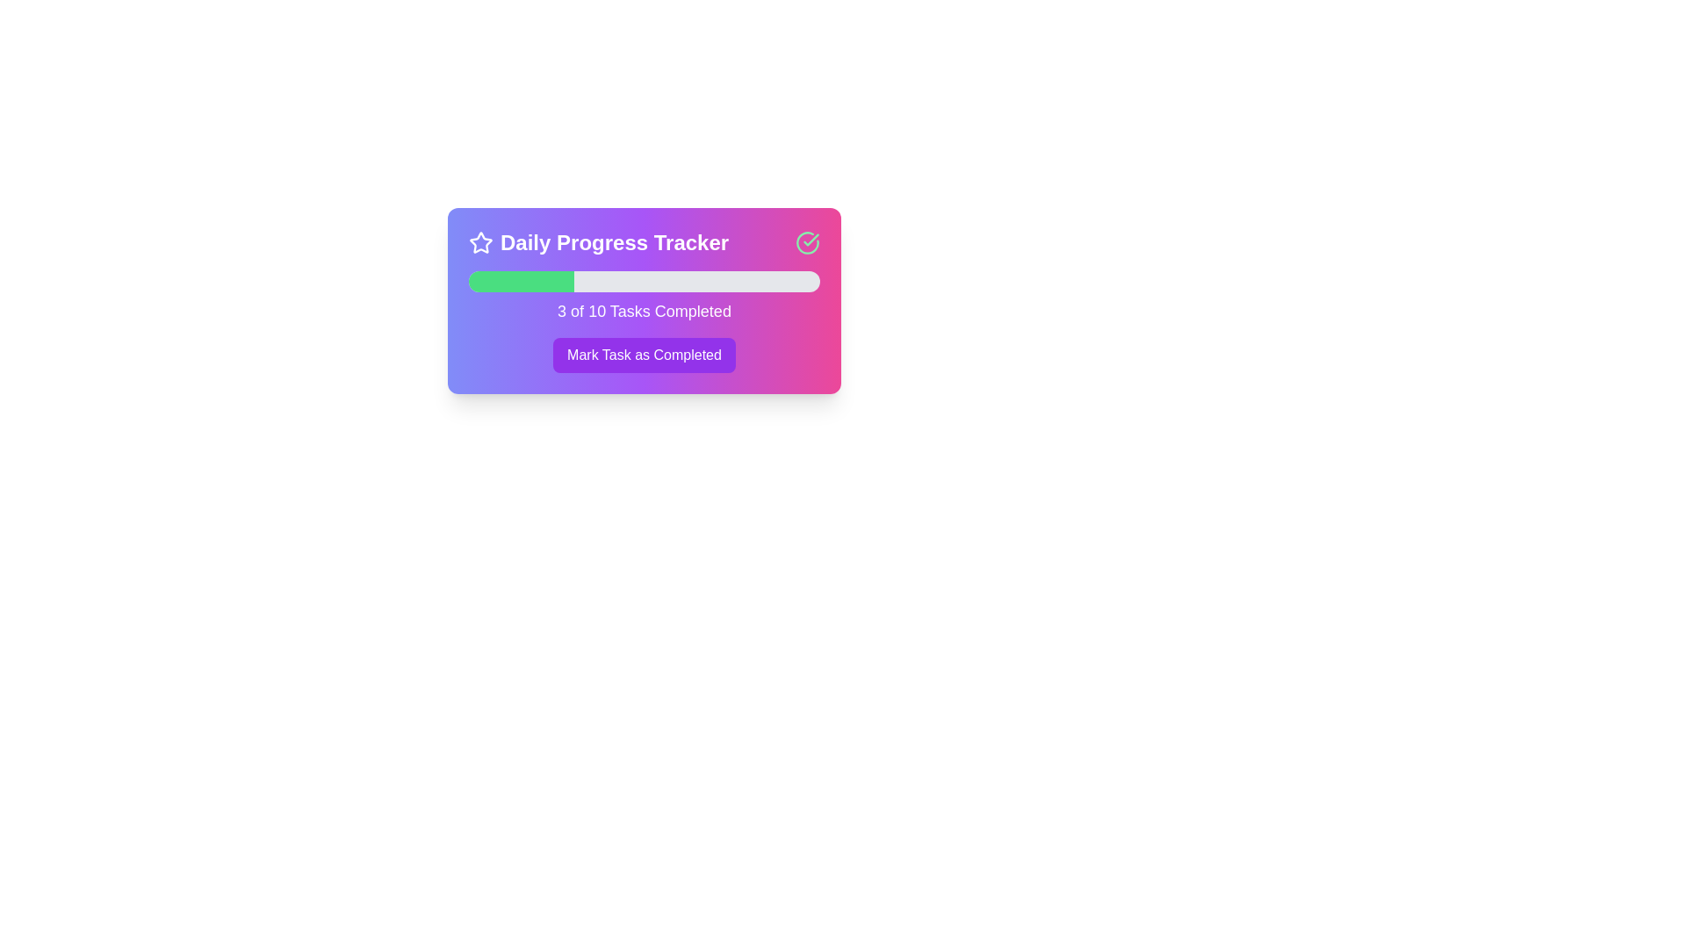  Describe the element at coordinates (644, 280) in the screenshot. I see `the progress bar that visually displays a green fill indicating 30% completion, located centrally below 'Daily Progress Tracker' and above '3 of 10 Tasks Completed'` at that location.